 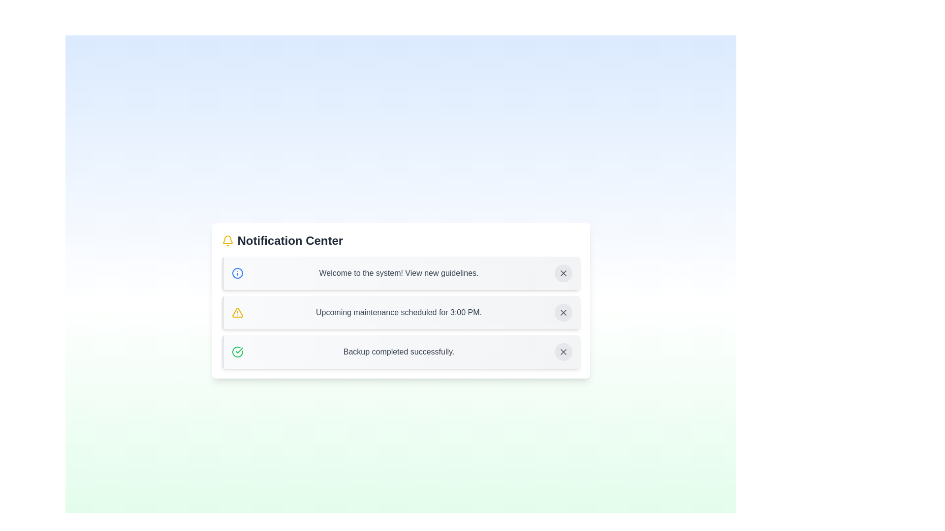 What do you see at coordinates (399, 352) in the screenshot?
I see `the static text label that reads 'Backup completed successfully.' positioned within the third notification card, which features a green checkmark icon on the left` at bounding box center [399, 352].